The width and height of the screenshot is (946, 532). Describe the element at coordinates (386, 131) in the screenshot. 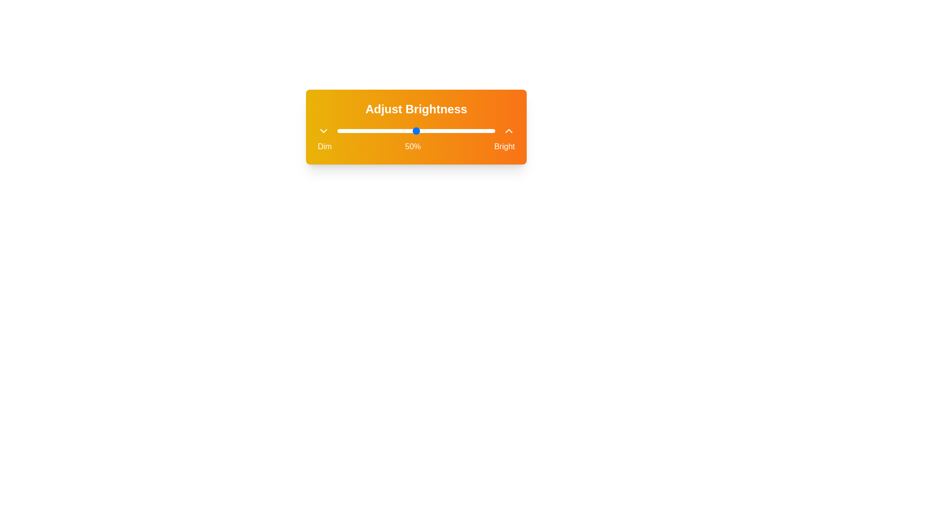

I see `brightness` at that location.